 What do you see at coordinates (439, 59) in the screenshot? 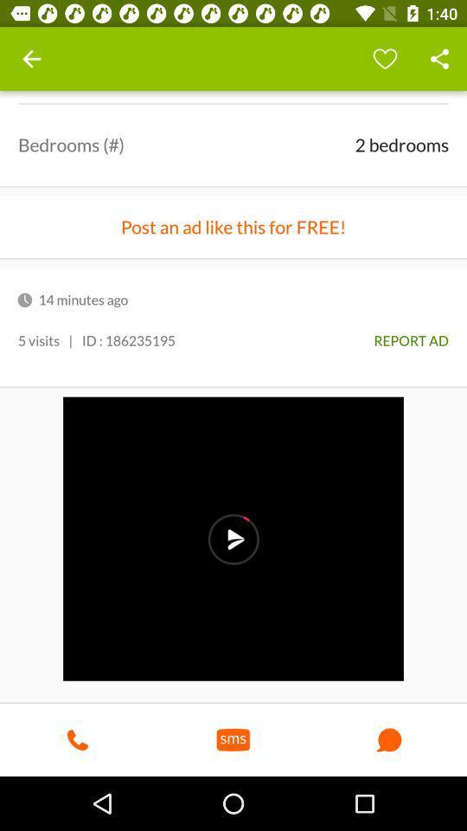
I see `share button` at bounding box center [439, 59].